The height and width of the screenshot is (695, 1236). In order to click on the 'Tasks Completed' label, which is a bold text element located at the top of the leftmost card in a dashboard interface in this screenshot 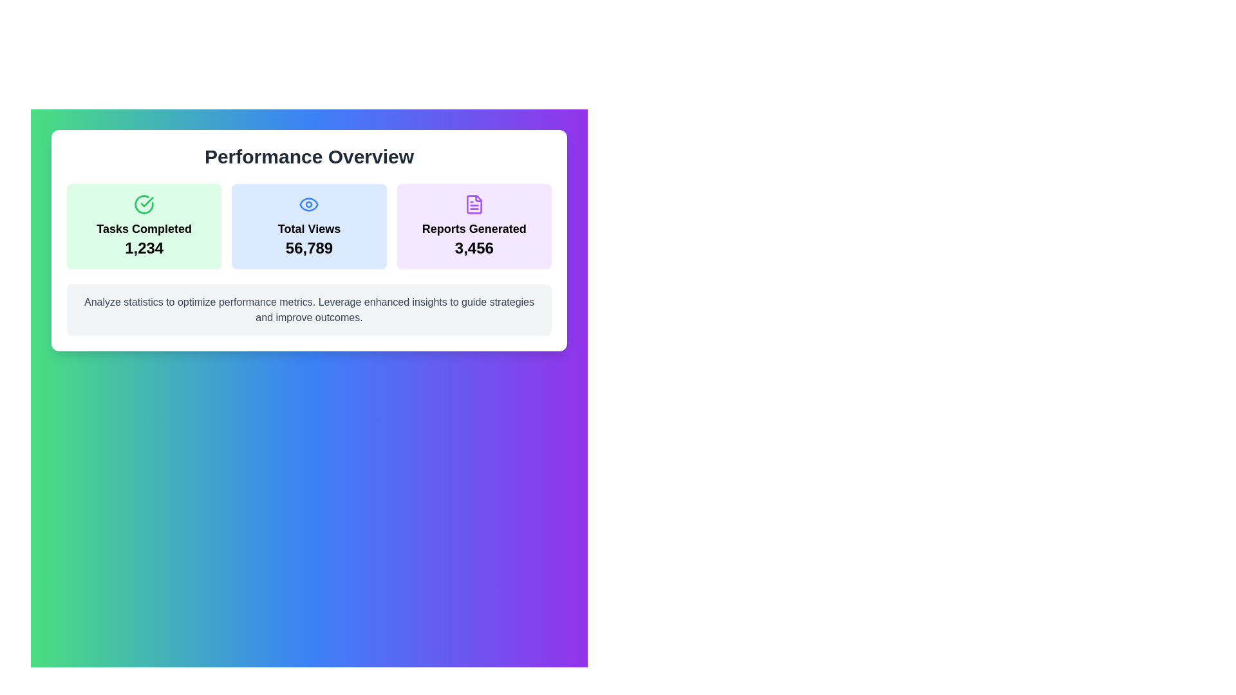, I will do `click(144, 228)`.